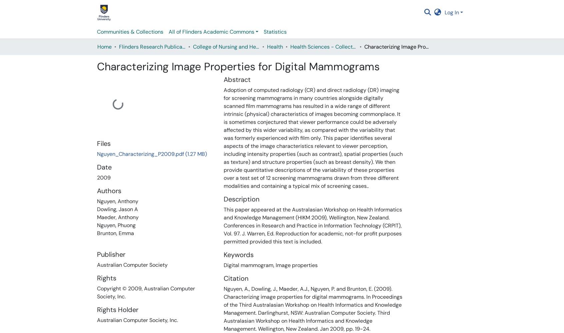 This screenshot has height=333, width=564. What do you see at coordinates (103, 177) in the screenshot?
I see `'2009'` at bounding box center [103, 177].